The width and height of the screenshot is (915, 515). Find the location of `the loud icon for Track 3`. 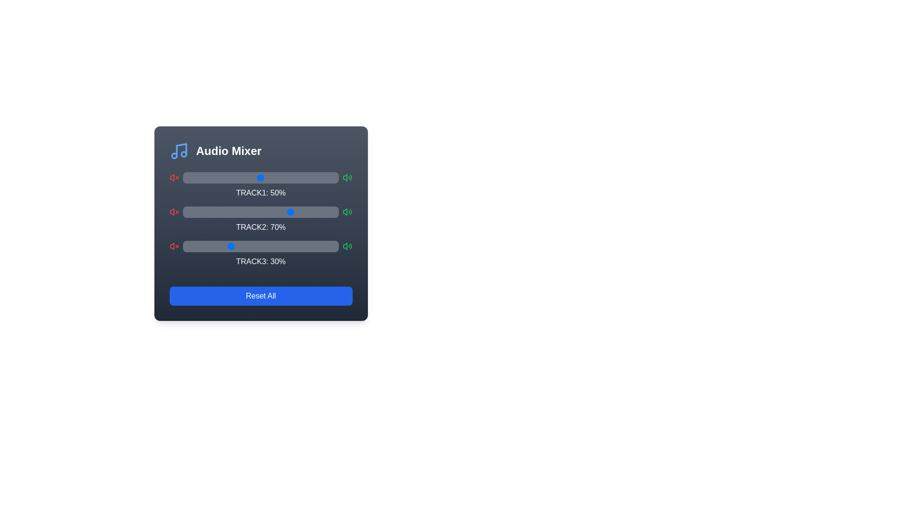

the loud icon for Track 3 is located at coordinates (347, 246).